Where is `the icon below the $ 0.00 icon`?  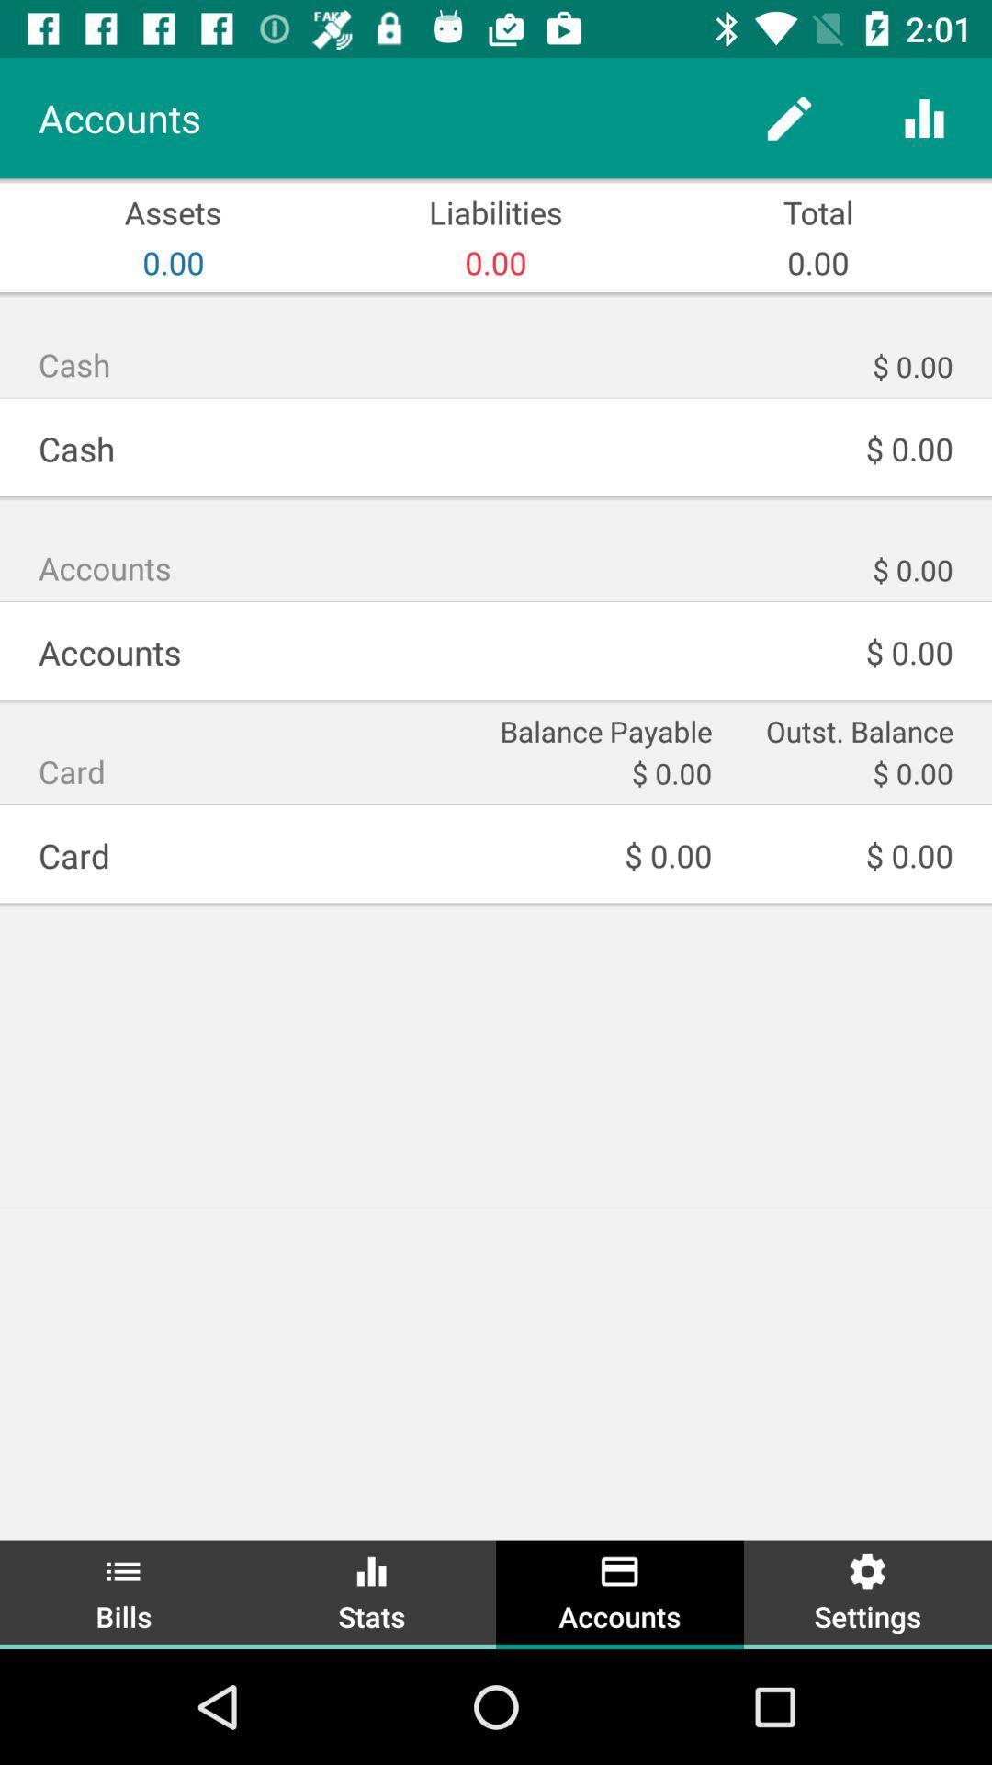
the icon below the $ 0.00 icon is located at coordinates (372, 1591).